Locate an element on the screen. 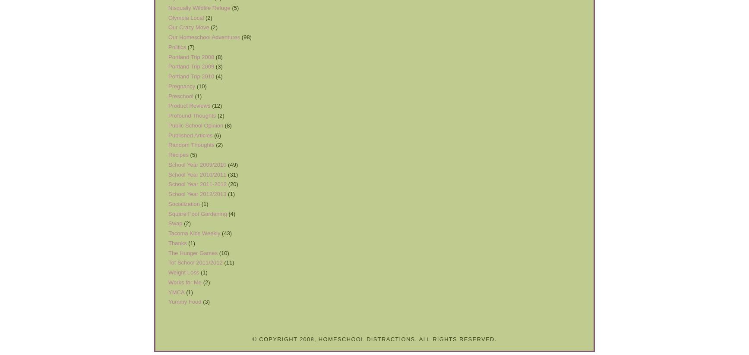  '(98)' is located at coordinates (246, 37).